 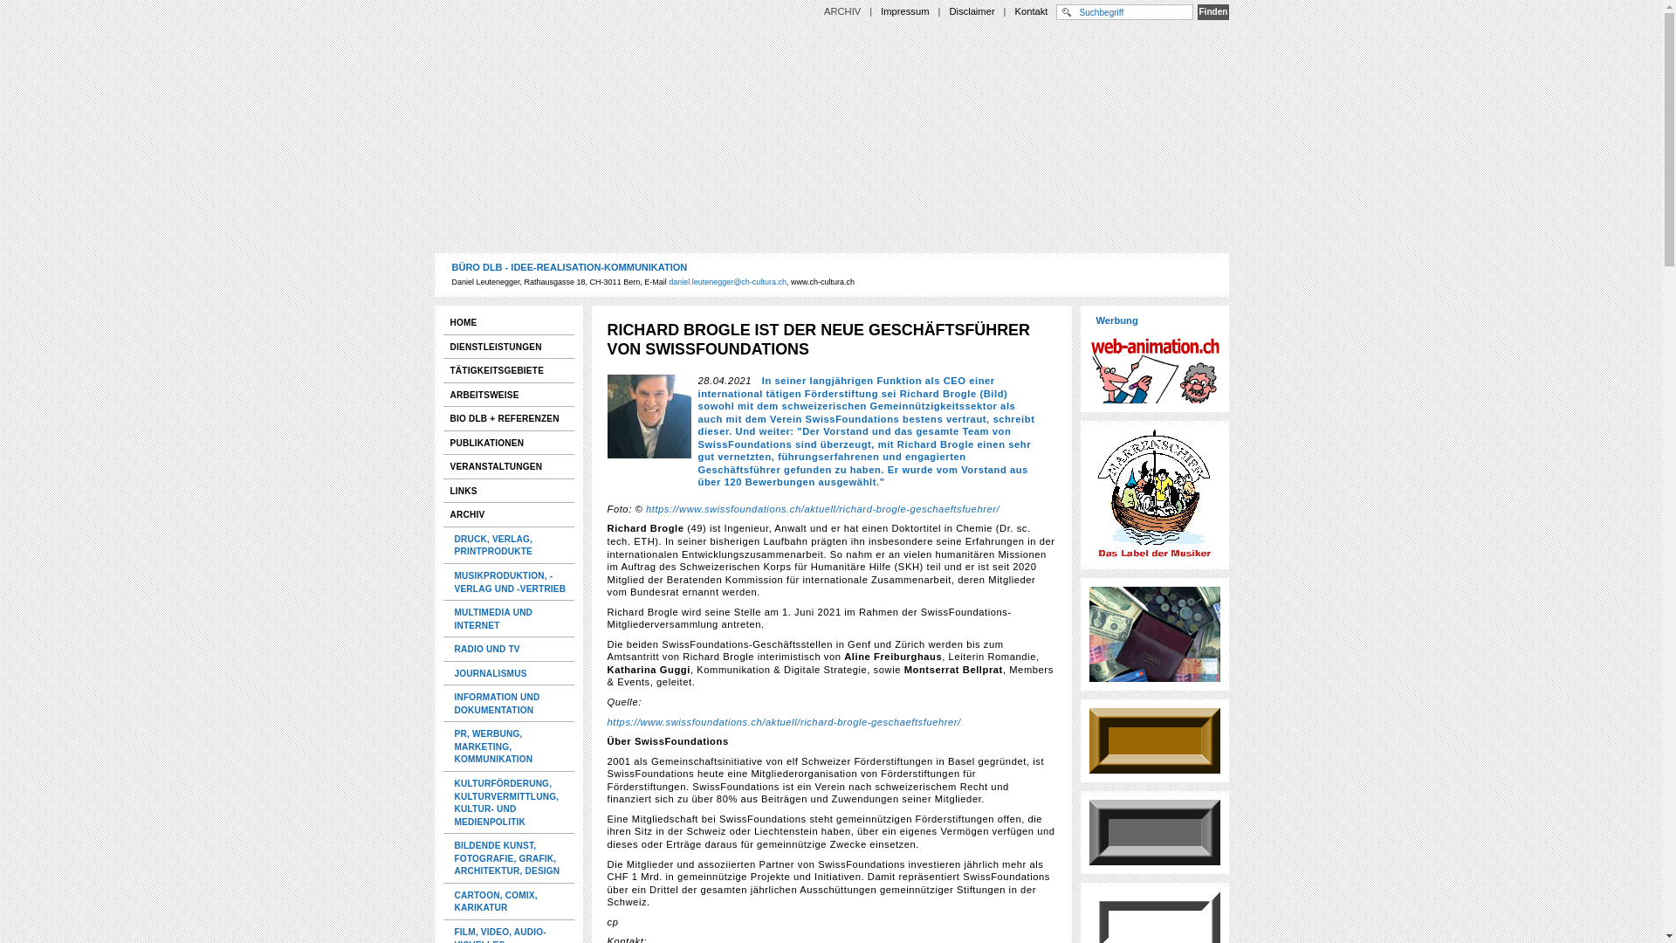 What do you see at coordinates (509, 649) in the screenshot?
I see `'RADIO UND TV'` at bounding box center [509, 649].